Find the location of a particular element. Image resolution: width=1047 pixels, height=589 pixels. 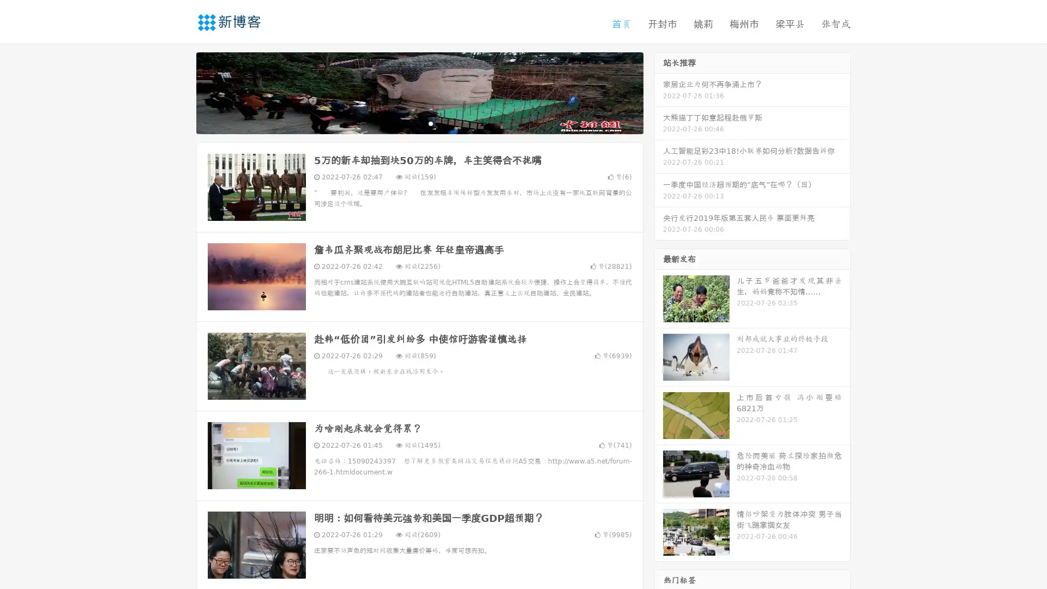

Go to slide 2 is located at coordinates (419, 123).